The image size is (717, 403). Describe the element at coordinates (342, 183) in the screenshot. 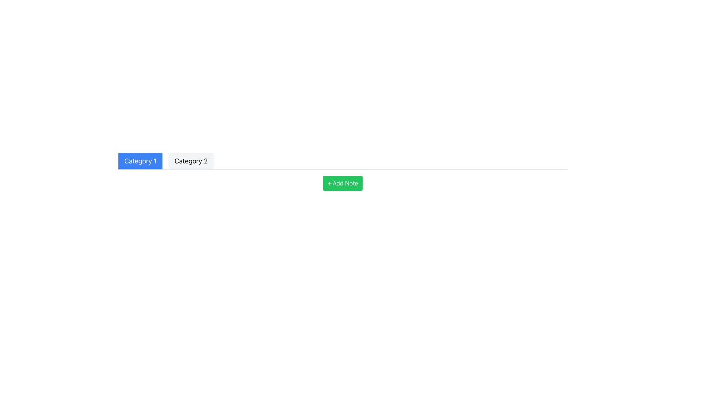

I see `the green rectangular button labeled '+ Add Note'` at that location.